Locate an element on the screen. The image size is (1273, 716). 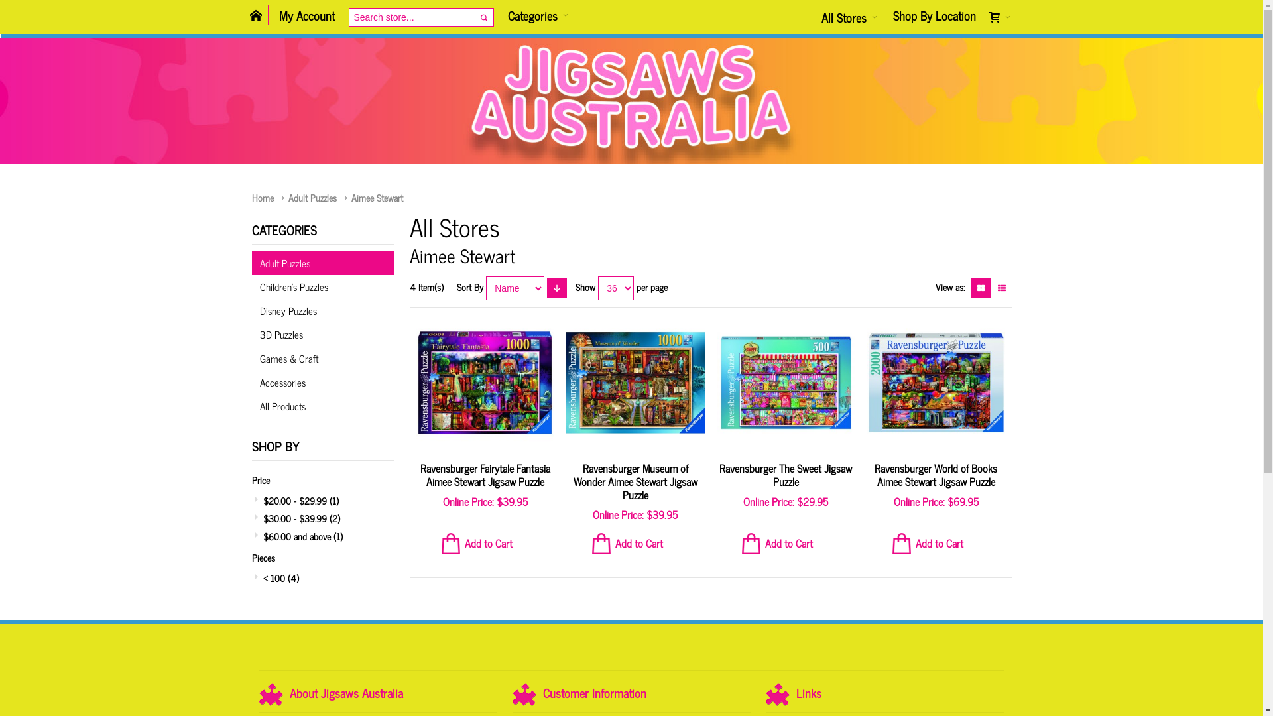
'$20.00 - $29.99 (1)' is located at coordinates (322, 500).